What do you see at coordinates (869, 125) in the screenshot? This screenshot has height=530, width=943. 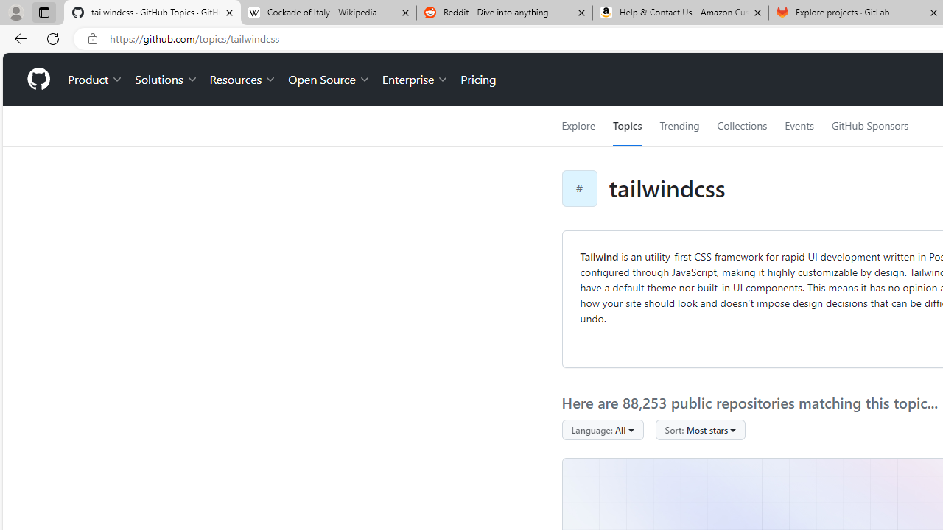 I see `'GitHub Sponsors'` at bounding box center [869, 125].